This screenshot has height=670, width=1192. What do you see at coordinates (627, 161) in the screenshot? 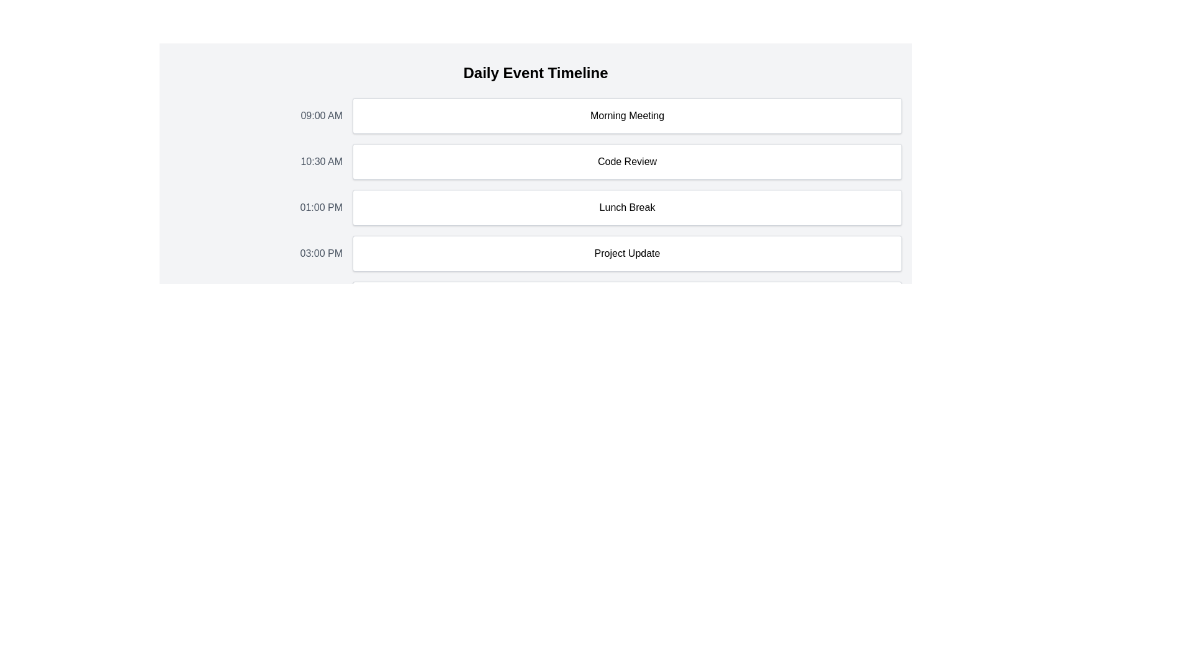
I see `the non-interactive text display element that shows 'Code Review', which is located in the center of the '10:30 AM' section of the timeline interface` at bounding box center [627, 161].